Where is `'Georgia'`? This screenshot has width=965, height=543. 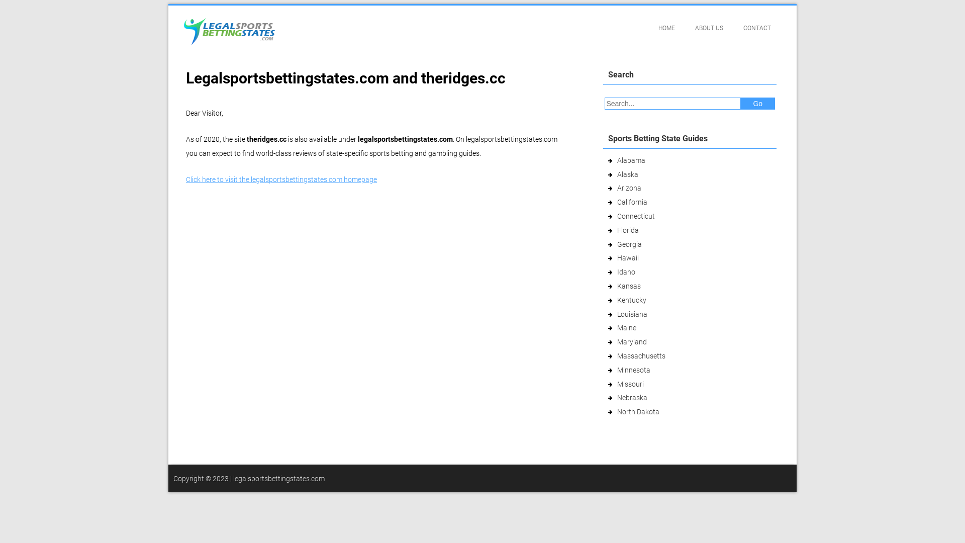 'Georgia' is located at coordinates (629, 244).